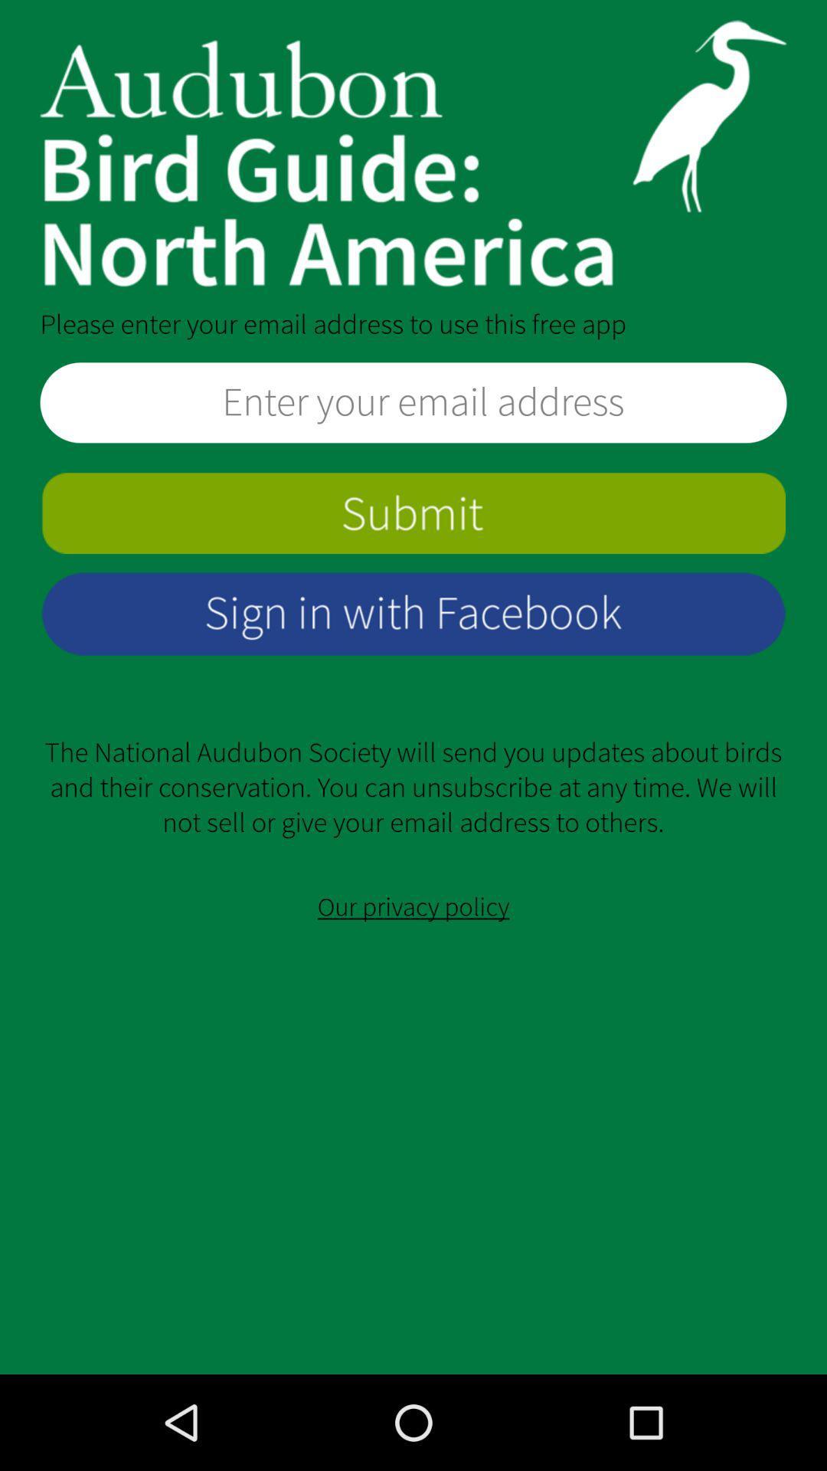 This screenshot has height=1471, width=827. I want to click on icon below the please enter your item, so click(413, 402).